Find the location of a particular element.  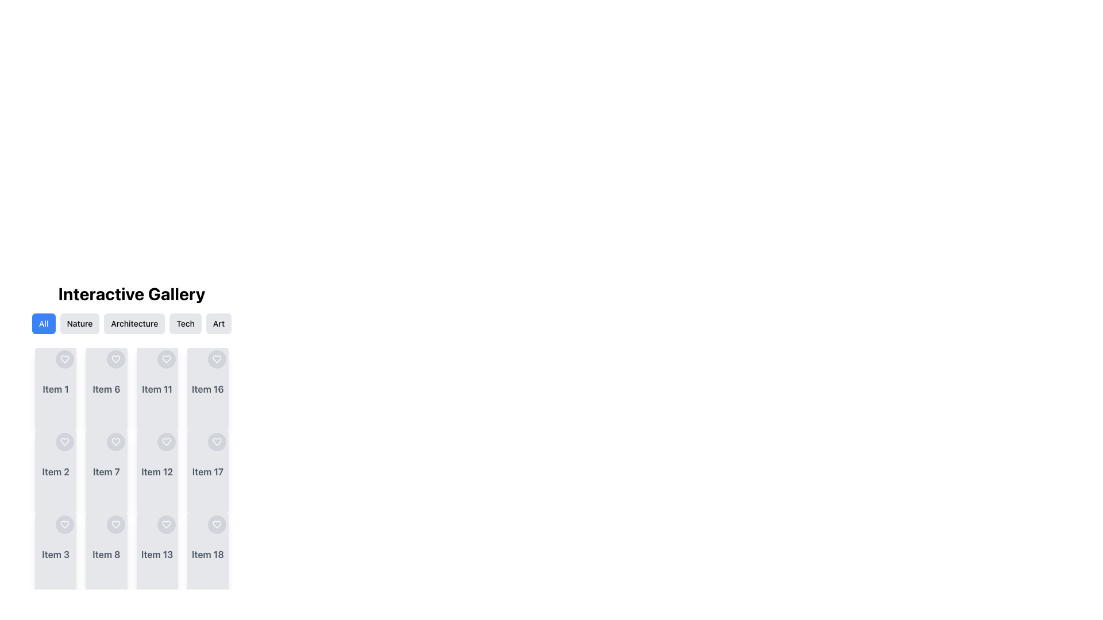

the 'Architecture' tab in the navigation menu is located at coordinates (132, 323).